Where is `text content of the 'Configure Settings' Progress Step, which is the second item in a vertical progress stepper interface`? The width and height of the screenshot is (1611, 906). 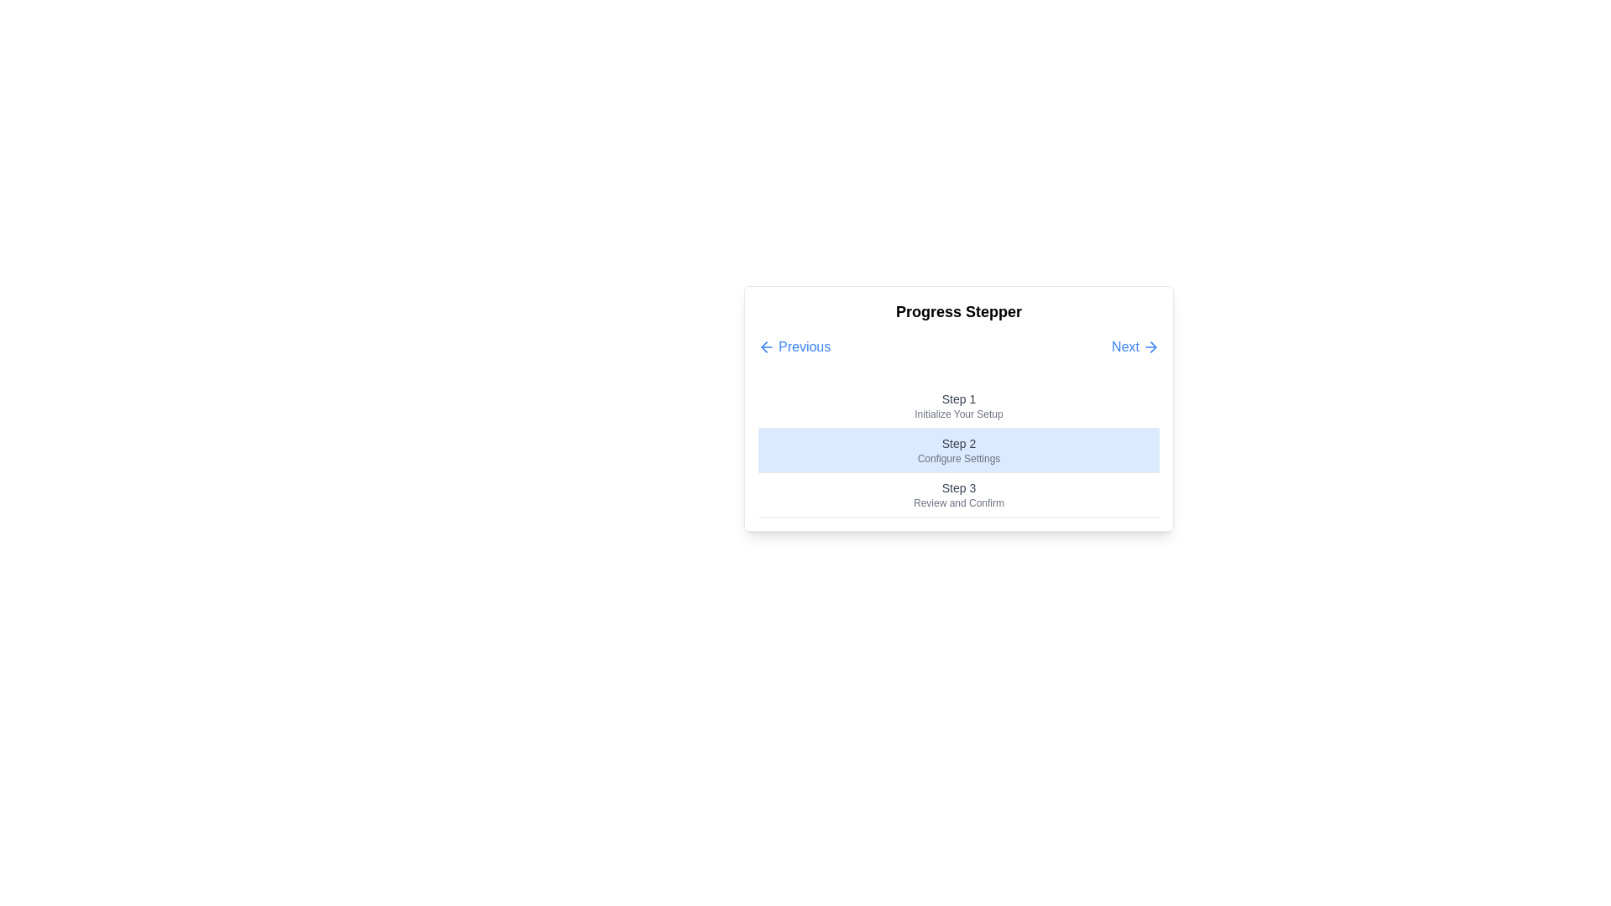 text content of the 'Configure Settings' Progress Step, which is the second item in a vertical progress stepper interface is located at coordinates (958, 450).